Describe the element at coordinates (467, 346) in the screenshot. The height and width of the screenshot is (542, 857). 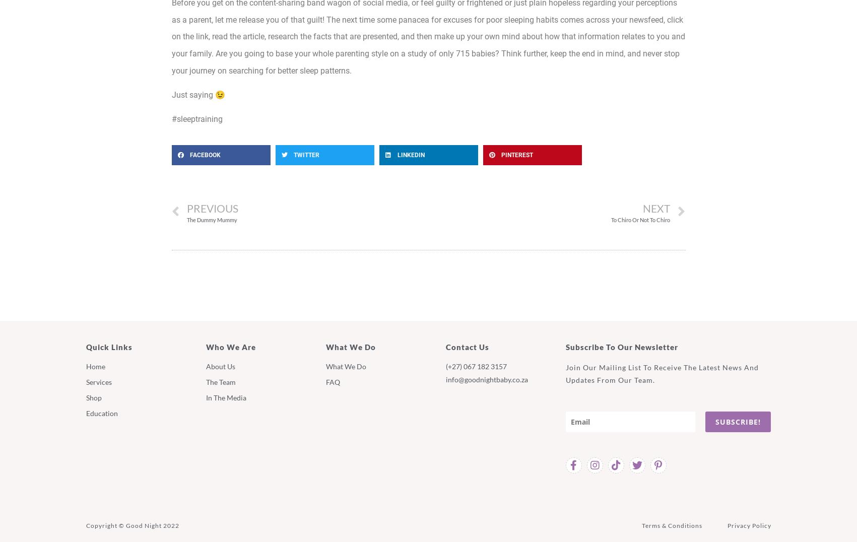
I see `'Contact Us'` at that location.